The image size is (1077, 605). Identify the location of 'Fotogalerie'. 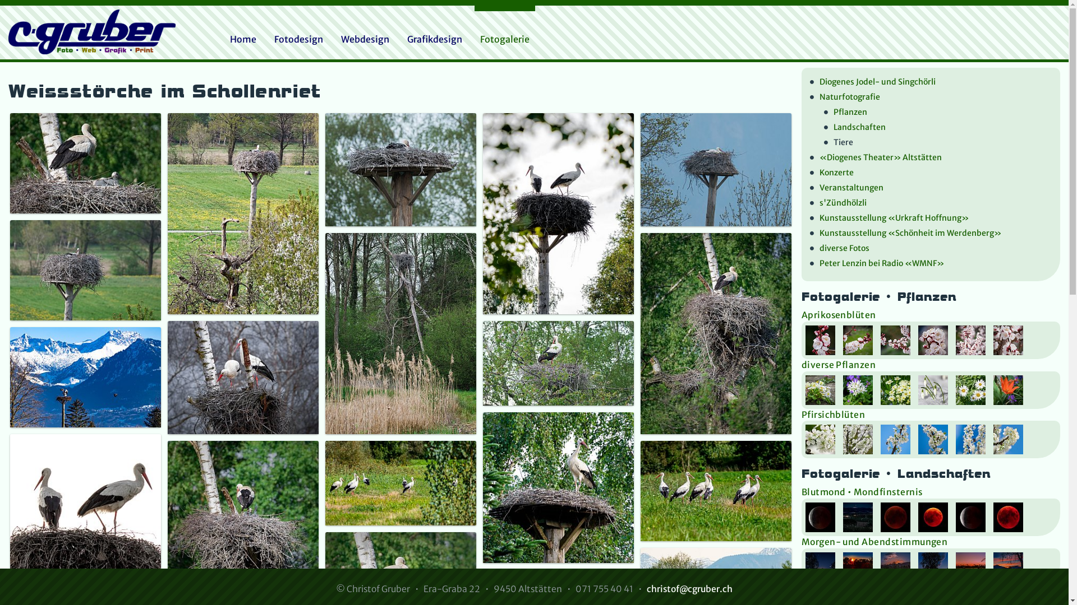
(504, 39).